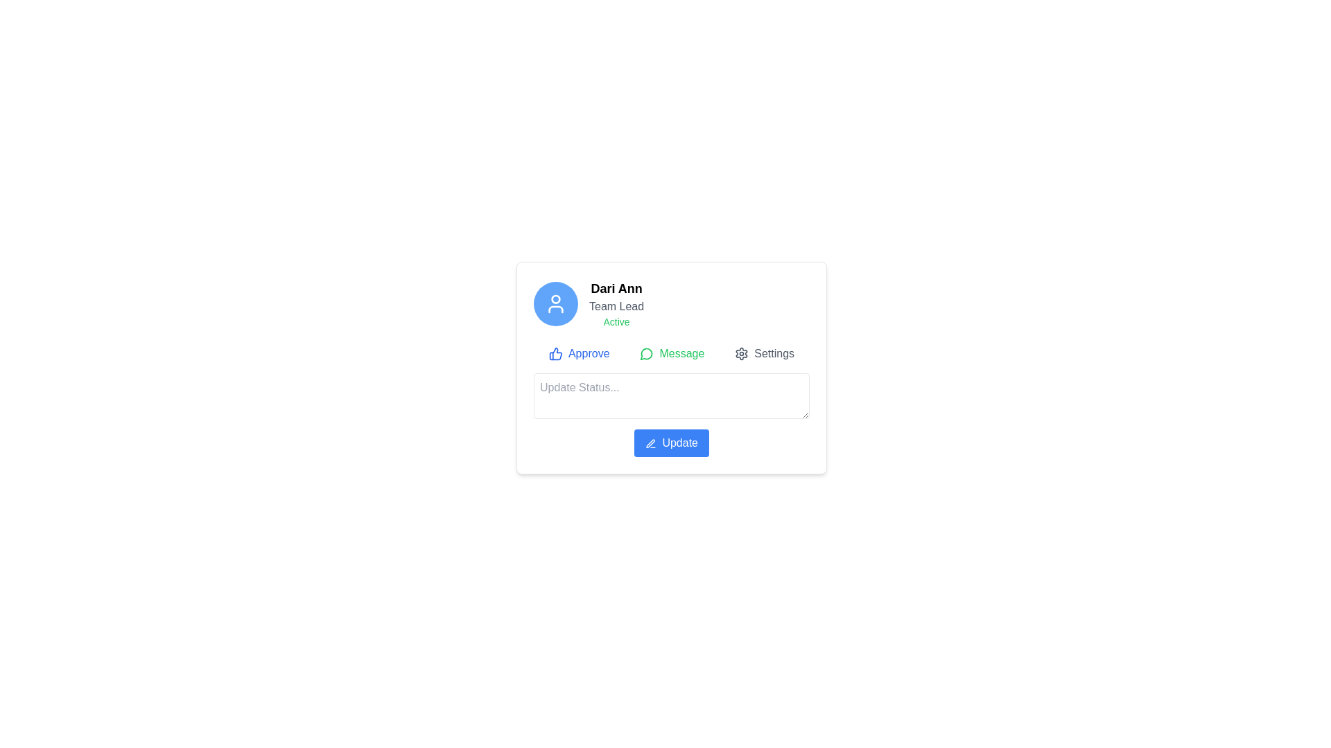 The width and height of the screenshot is (1331, 748). Describe the element at coordinates (681, 353) in the screenshot. I see `the interactive text label located in the center-right area of the card UI component` at that location.